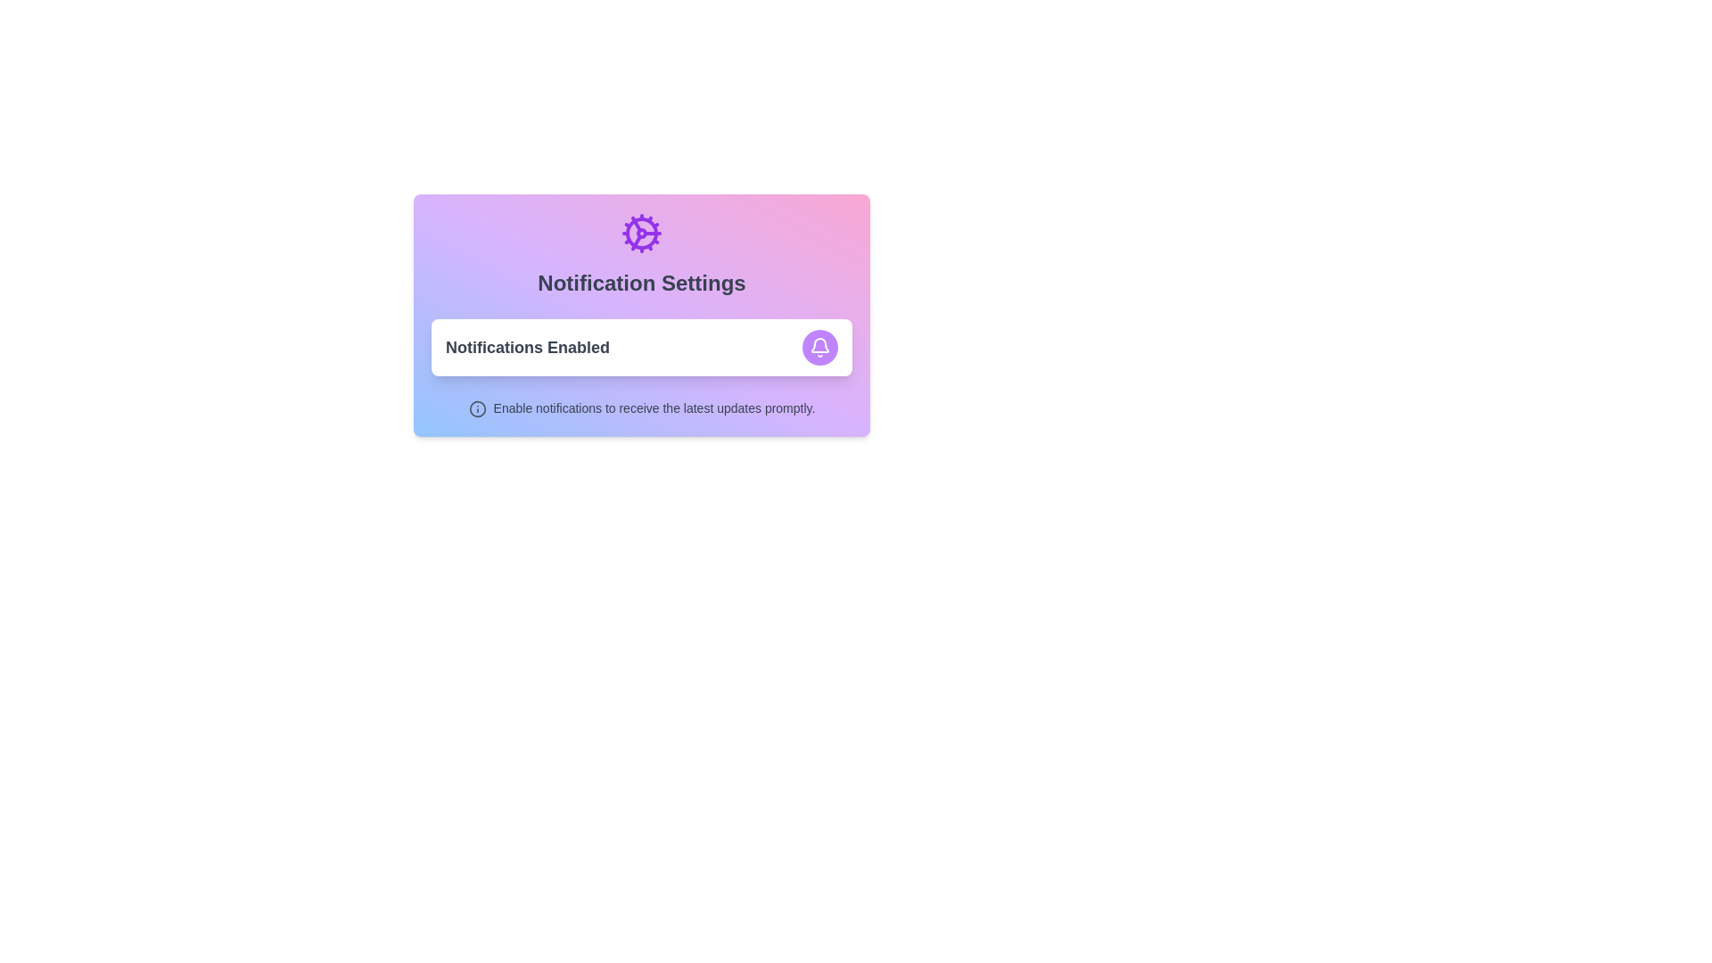  I want to click on the purple bell-shaped icon located on the right side of the 'Notifications Enabled' button, enclosed within a circular purple background, so click(819, 347).